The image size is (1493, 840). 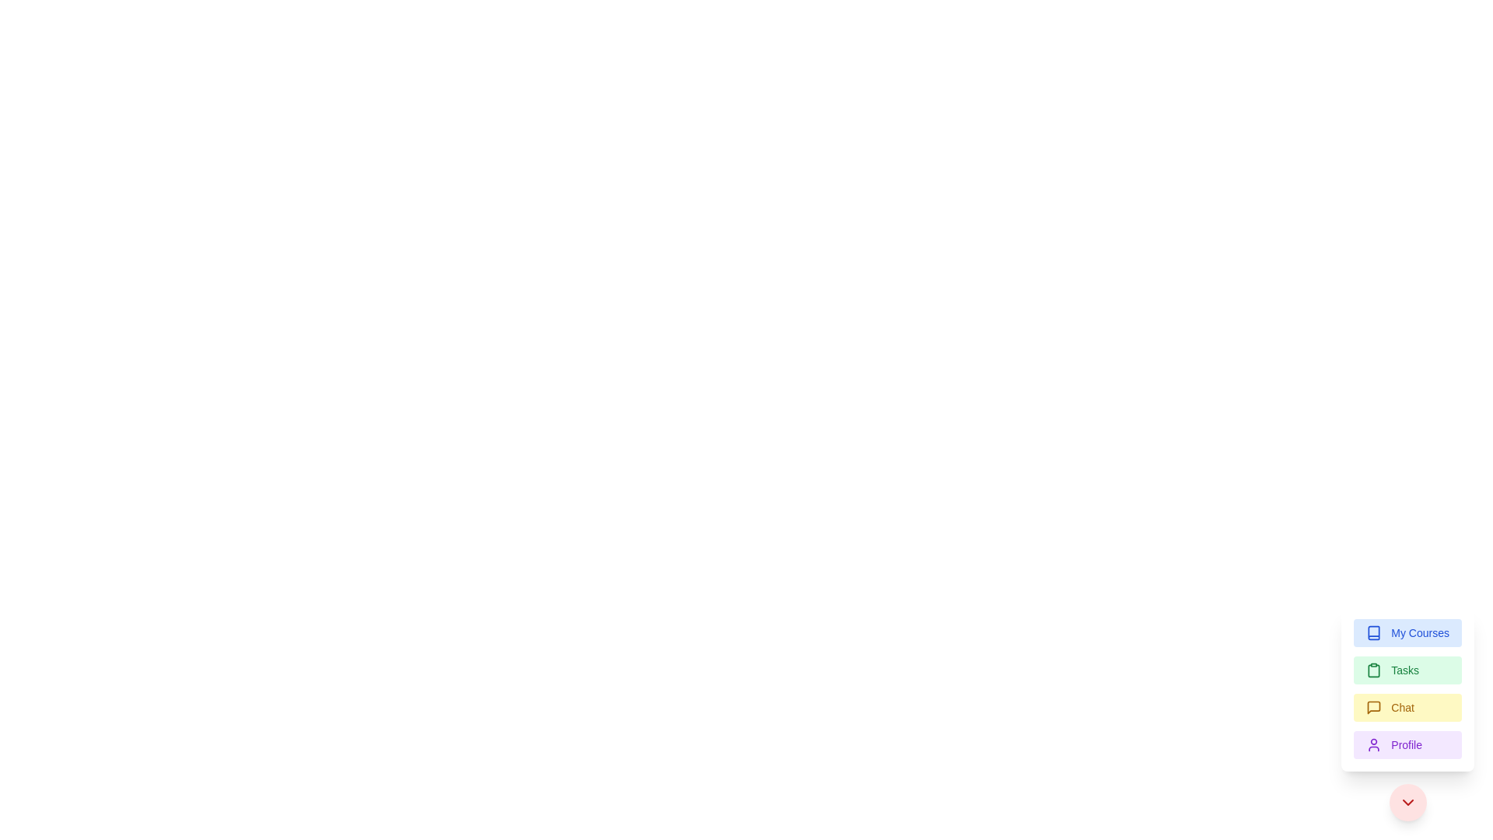 What do you see at coordinates (1407, 744) in the screenshot?
I see `the 'Profile' text label` at bounding box center [1407, 744].